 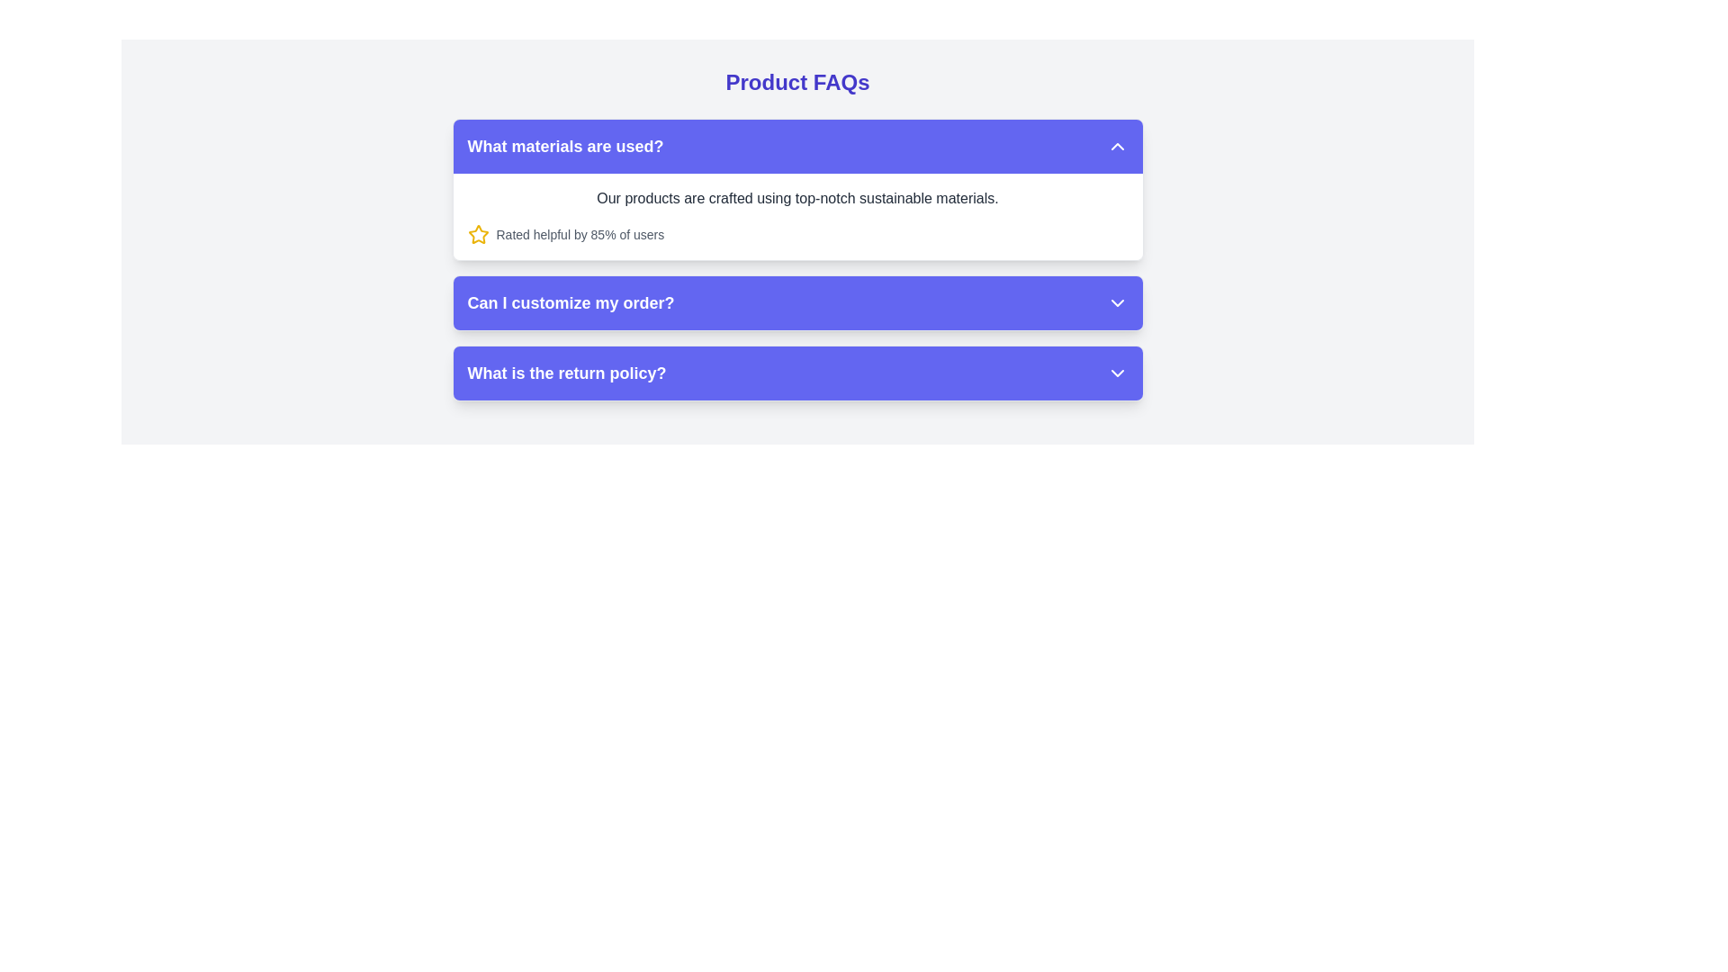 What do you see at coordinates (796, 190) in the screenshot?
I see `the header of the first Collapsible FAQ Item located beneath the 'Product FAQs' title section to receive interaction feedback` at bounding box center [796, 190].